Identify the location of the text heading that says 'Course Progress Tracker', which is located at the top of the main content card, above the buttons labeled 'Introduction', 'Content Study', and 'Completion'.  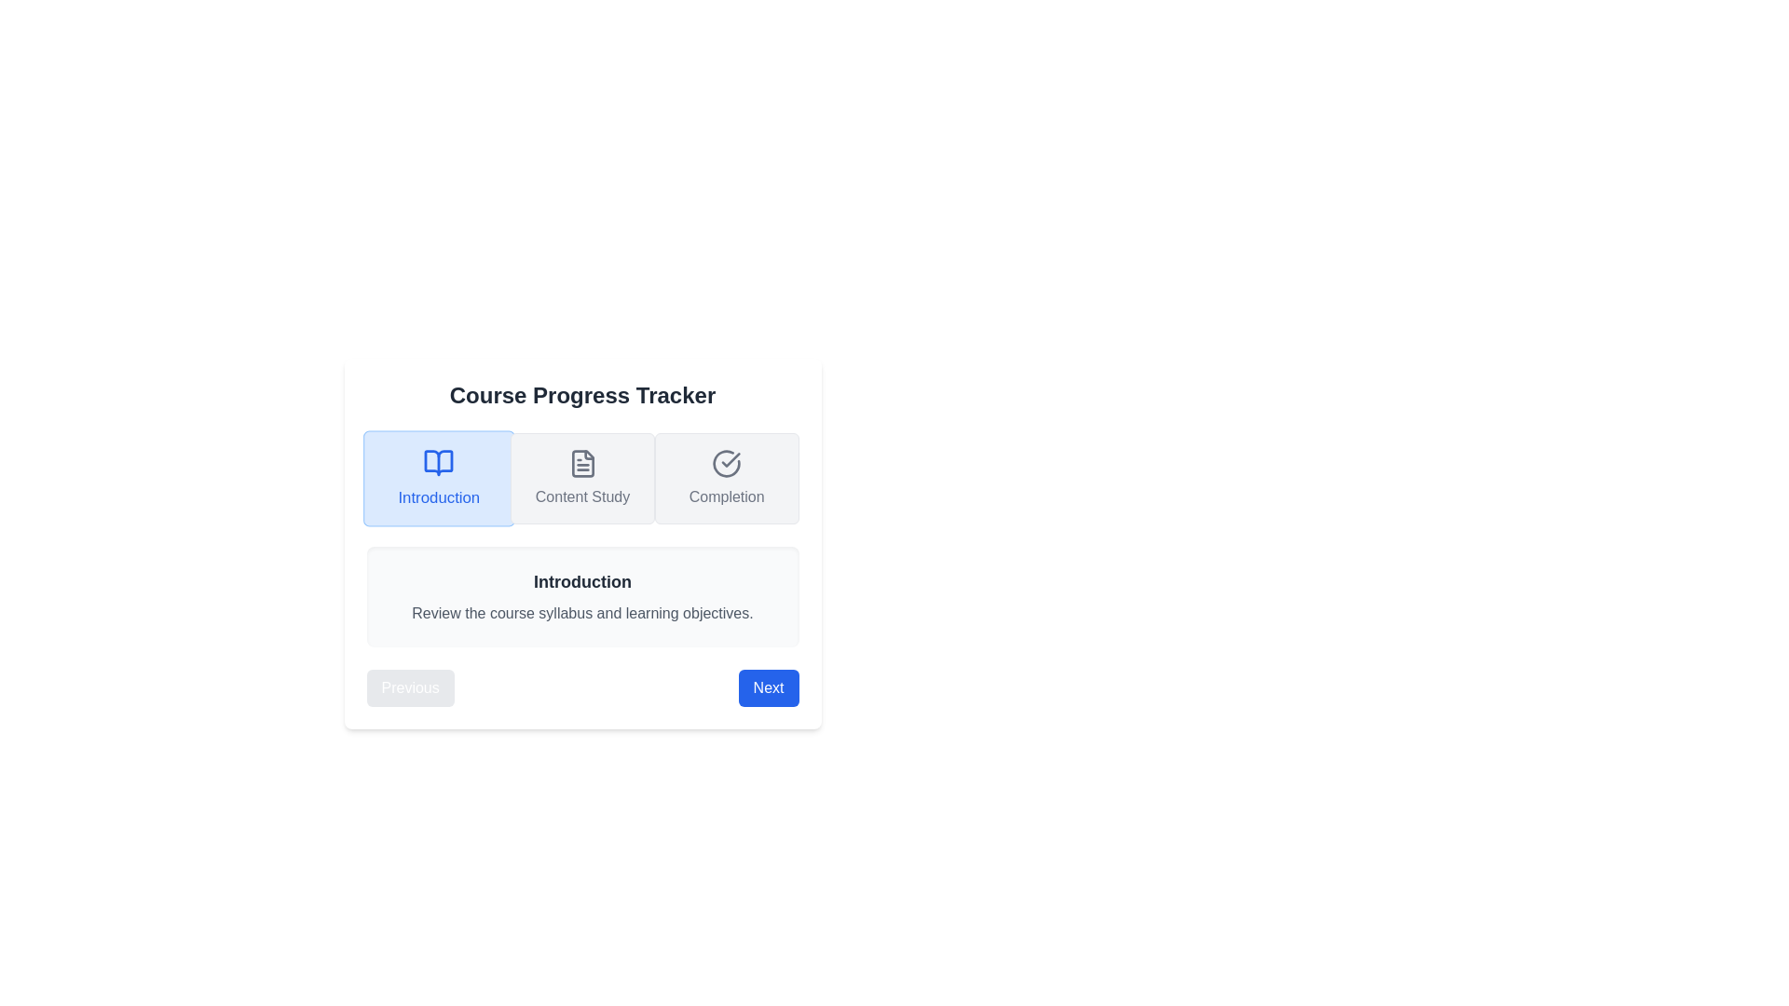
(581, 394).